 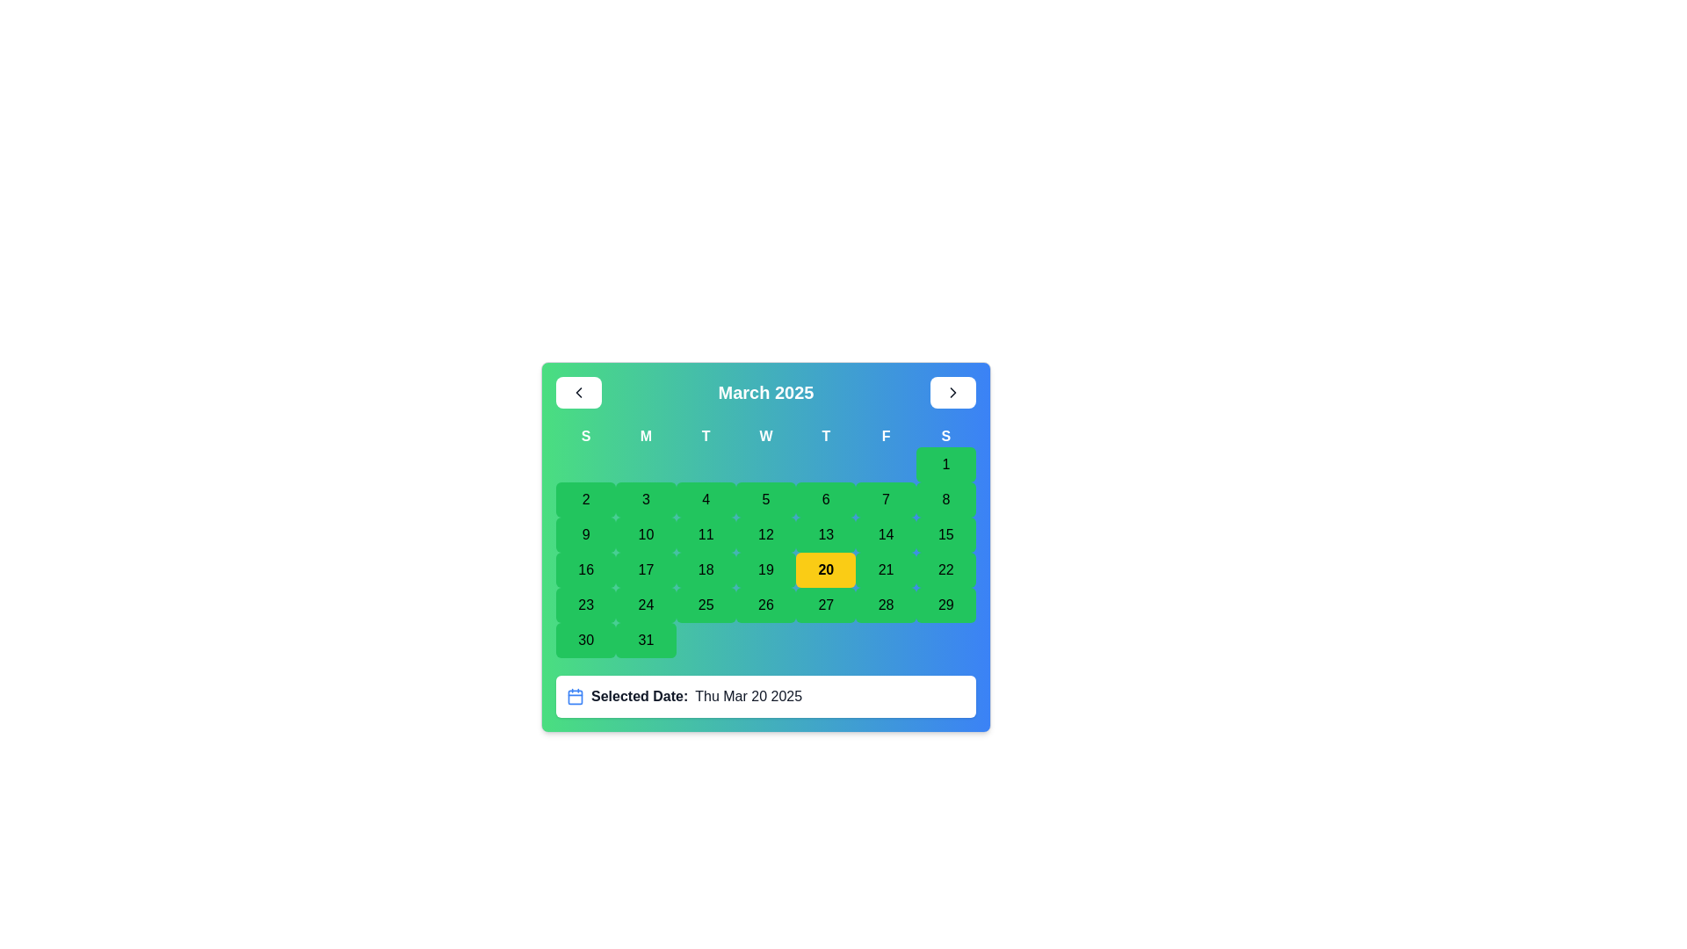 What do you see at coordinates (886, 534) in the screenshot?
I see `the Button labeled '14' in the calendar grid layout` at bounding box center [886, 534].